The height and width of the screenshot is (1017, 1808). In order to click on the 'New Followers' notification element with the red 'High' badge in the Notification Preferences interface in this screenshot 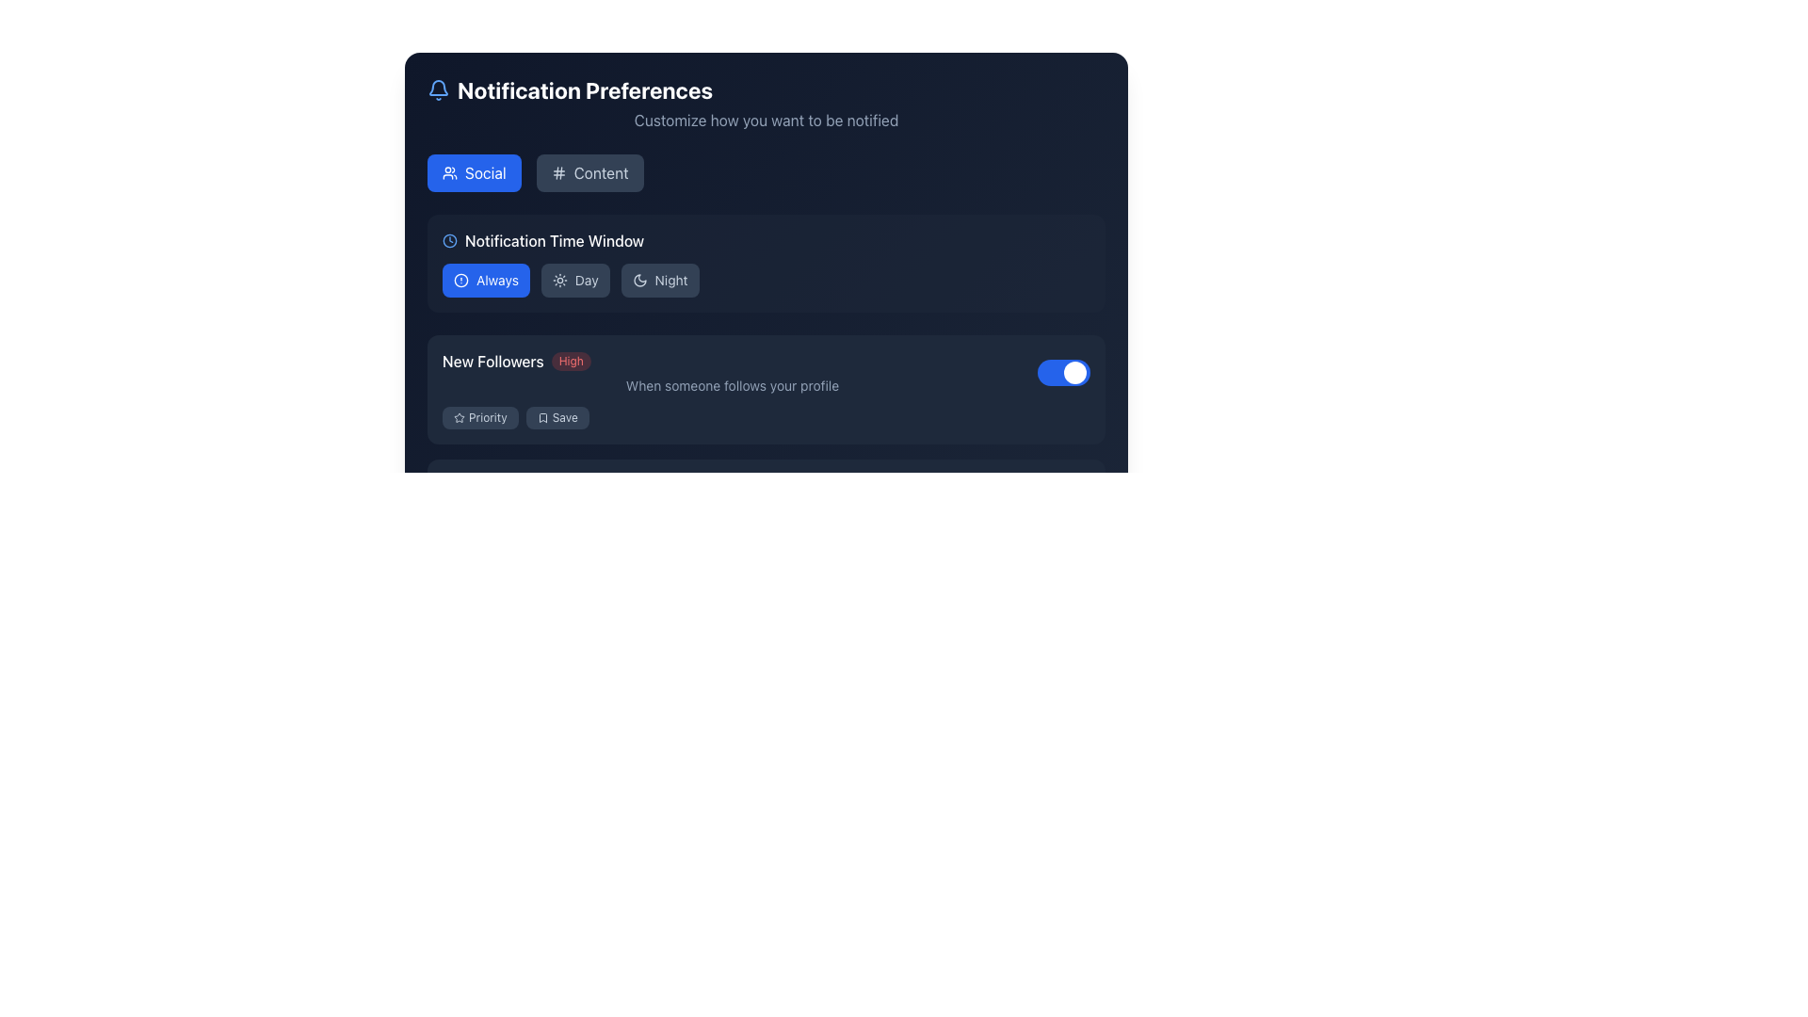, I will do `click(731, 373)`.